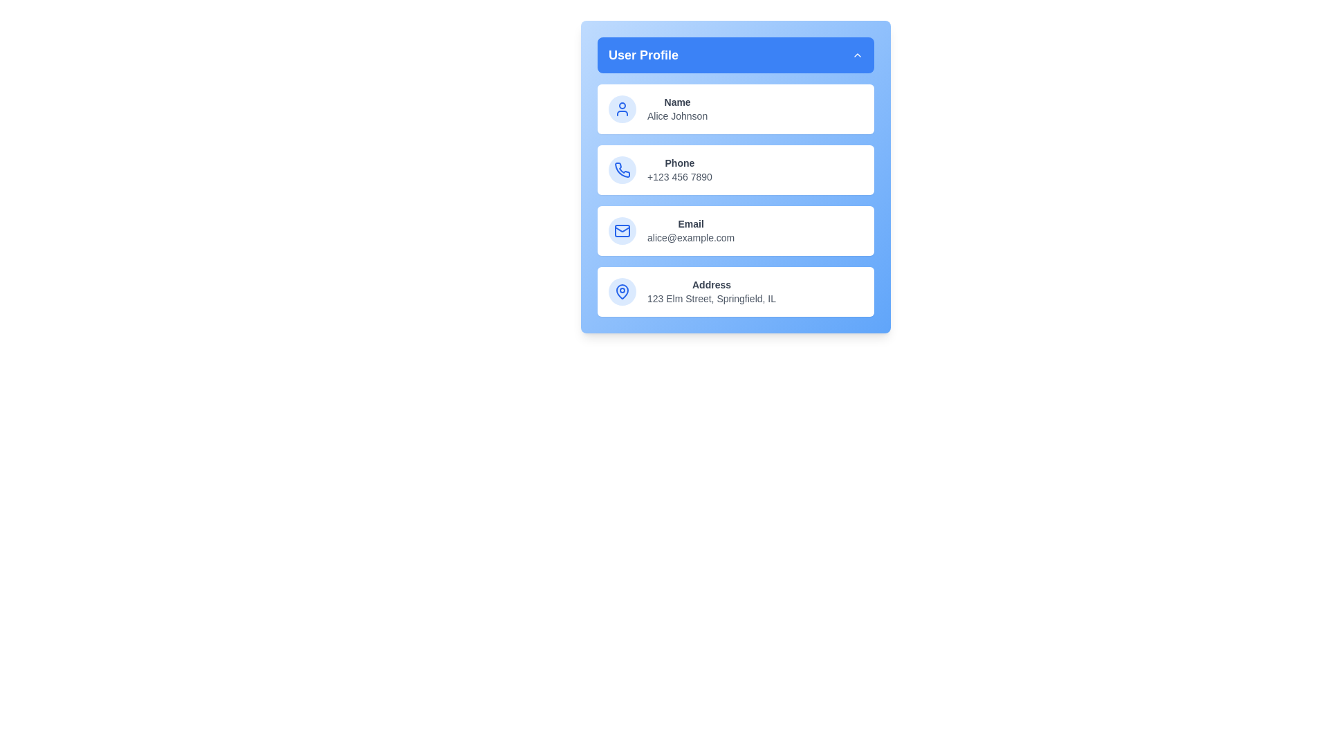 The image size is (1328, 747). What do you see at coordinates (679, 162) in the screenshot?
I see `the Text label that identifies the phone number, located in the second row of the user profile card adjacent to the phone icon` at bounding box center [679, 162].